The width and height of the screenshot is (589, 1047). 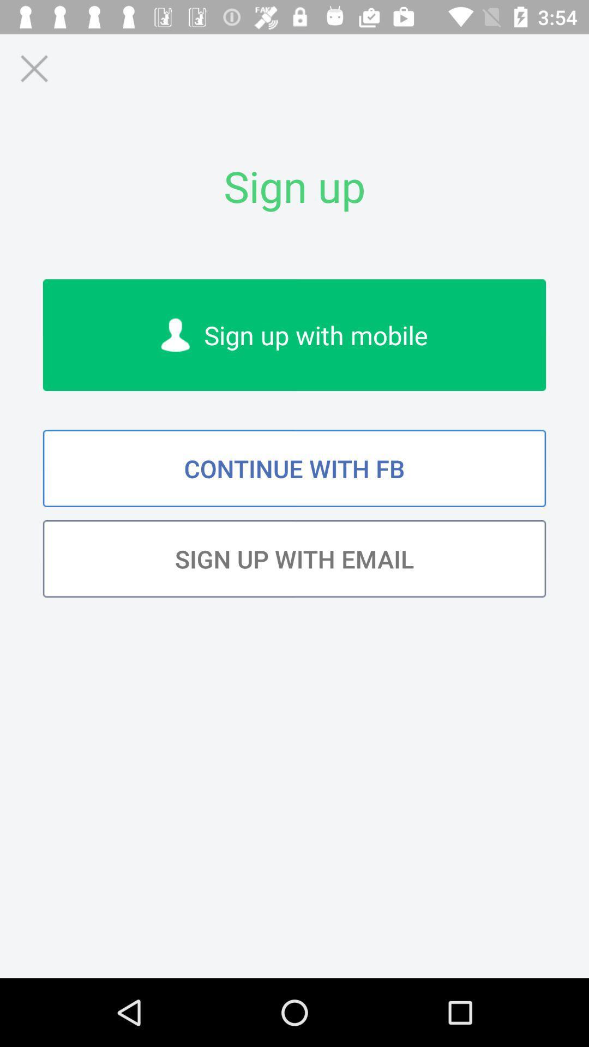 What do you see at coordinates (294, 468) in the screenshot?
I see `continue with fb icon` at bounding box center [294, 468].